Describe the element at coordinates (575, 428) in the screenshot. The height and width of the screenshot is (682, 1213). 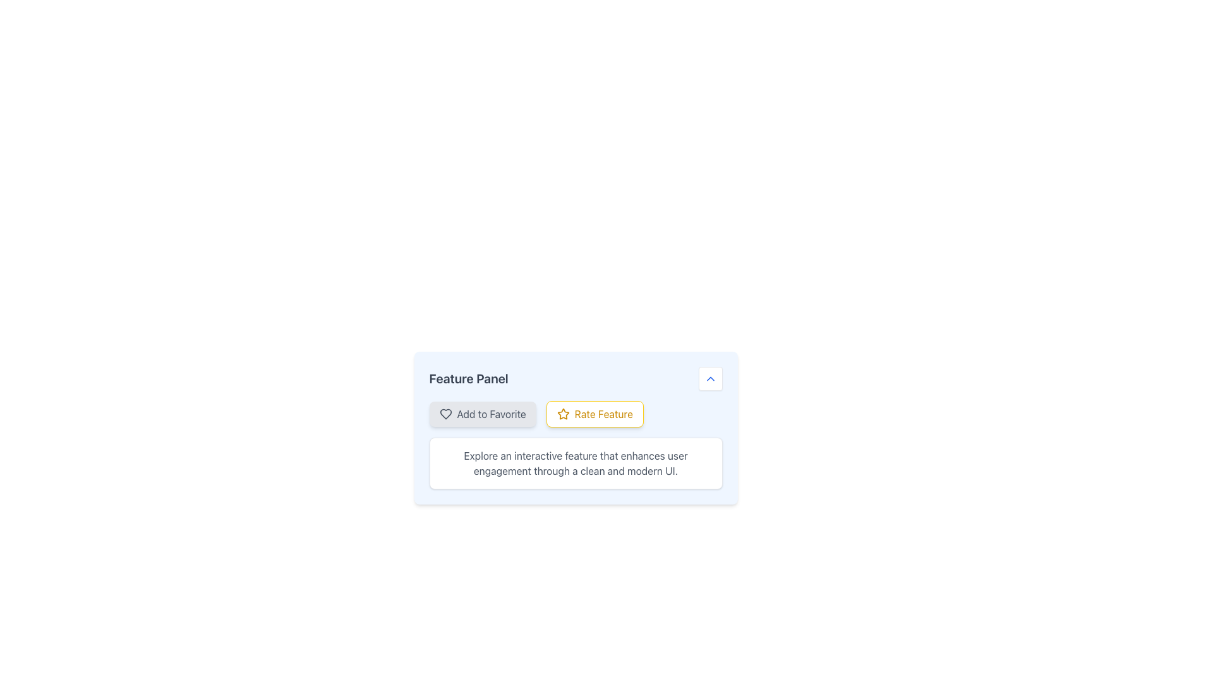
I see `description text from the 'Feature Panel' which has a light blue background and contains buttons labeled 'Add to Favorite' and 'Rate Feature'` at that location.